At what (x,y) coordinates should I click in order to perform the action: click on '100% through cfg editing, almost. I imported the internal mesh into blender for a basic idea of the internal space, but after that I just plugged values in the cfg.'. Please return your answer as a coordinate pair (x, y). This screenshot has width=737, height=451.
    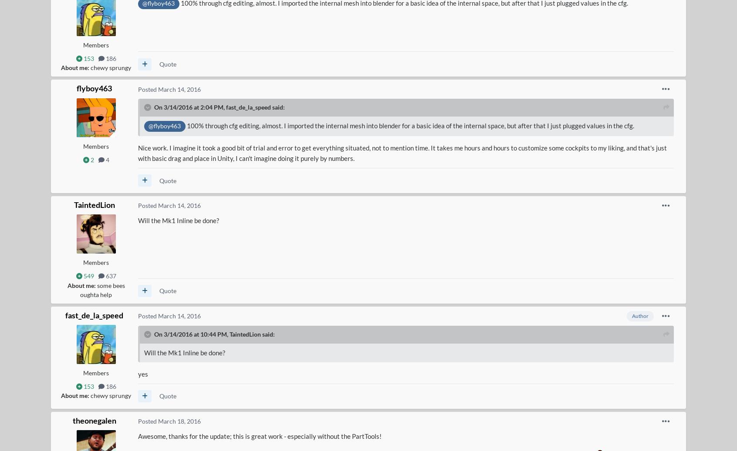
    Looking at the image, I should click on (409, 124).